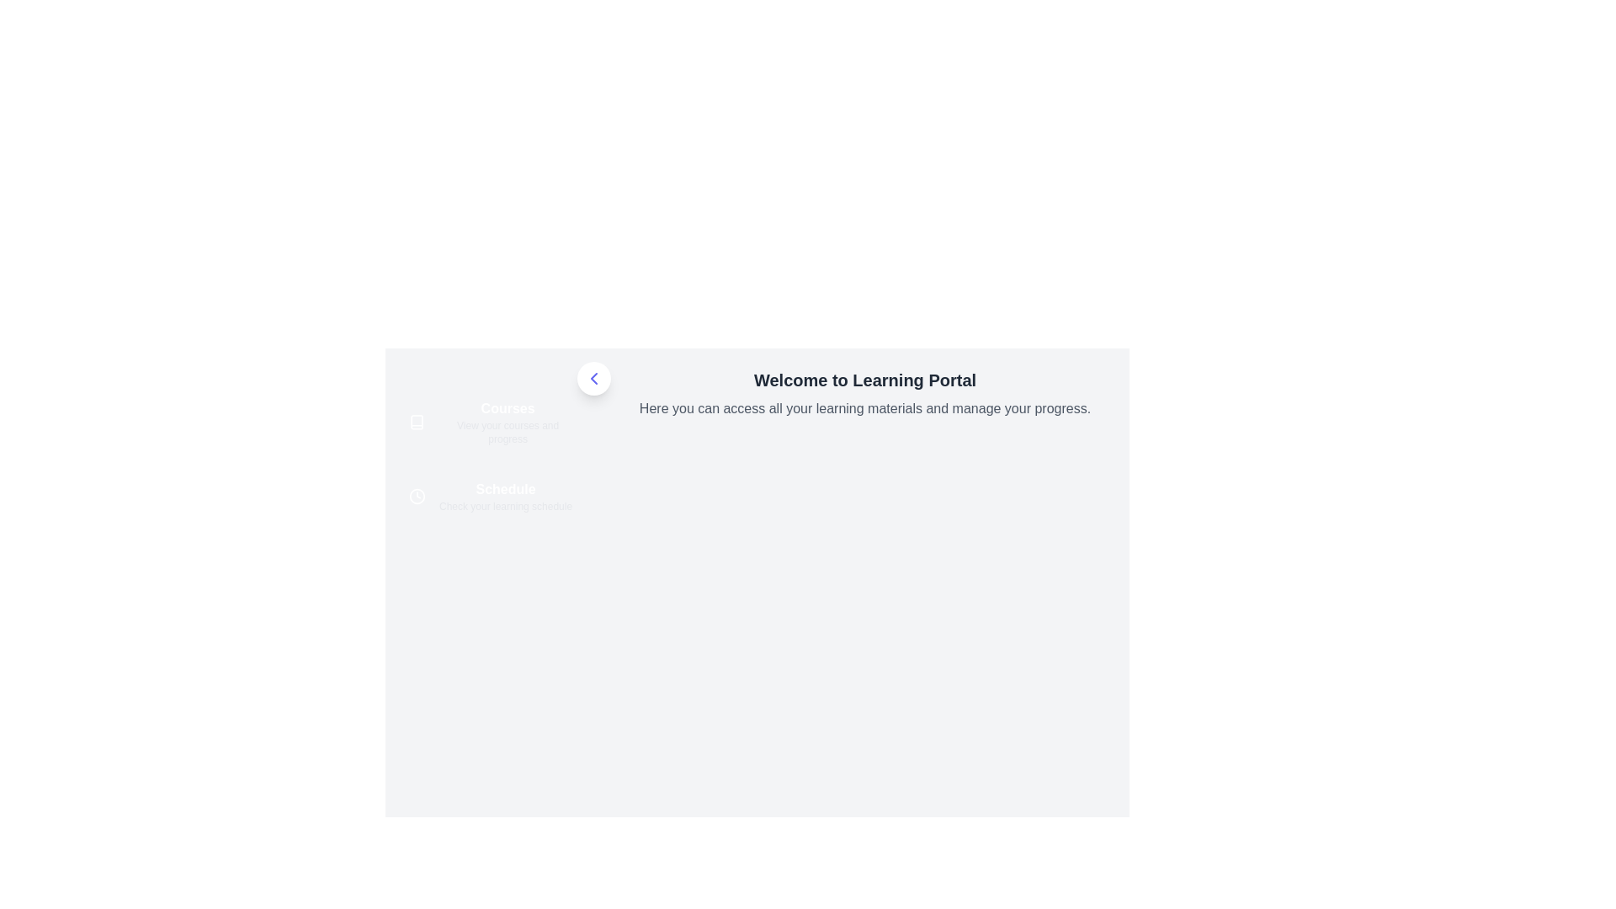  What do you see at coordinates (492, 421) in the screenshot?
I see `the 'Courses' section to view its details` at bounding box center [492, 421].